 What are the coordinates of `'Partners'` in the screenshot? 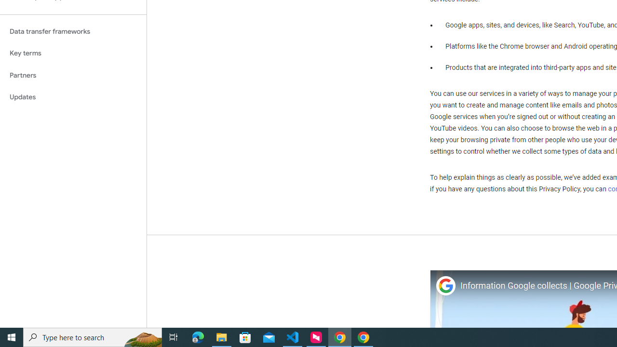 It's located at (73, 75).